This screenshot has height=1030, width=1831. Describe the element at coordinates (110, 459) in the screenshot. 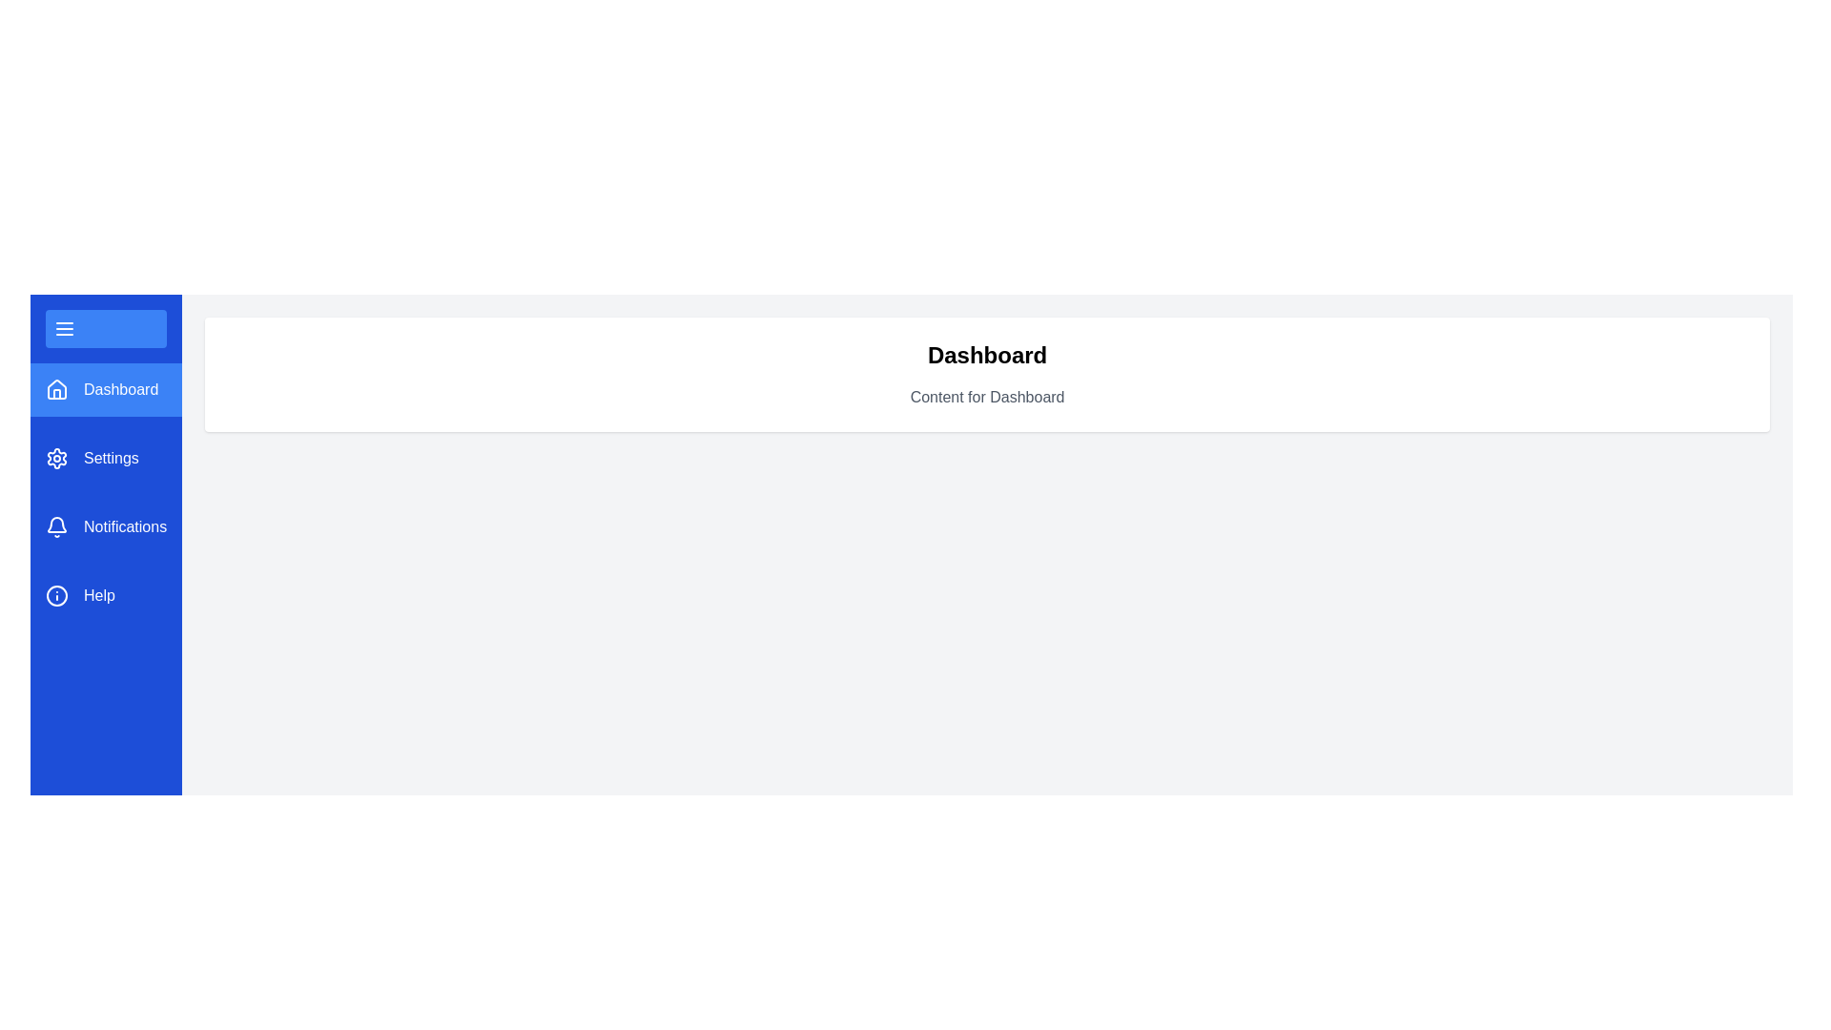

I see `the 'Settings' text label located in the left sidebar, which is the second item in the vertical list of navigation options, between 'Dashboard' and 'Notifications'` at that location.